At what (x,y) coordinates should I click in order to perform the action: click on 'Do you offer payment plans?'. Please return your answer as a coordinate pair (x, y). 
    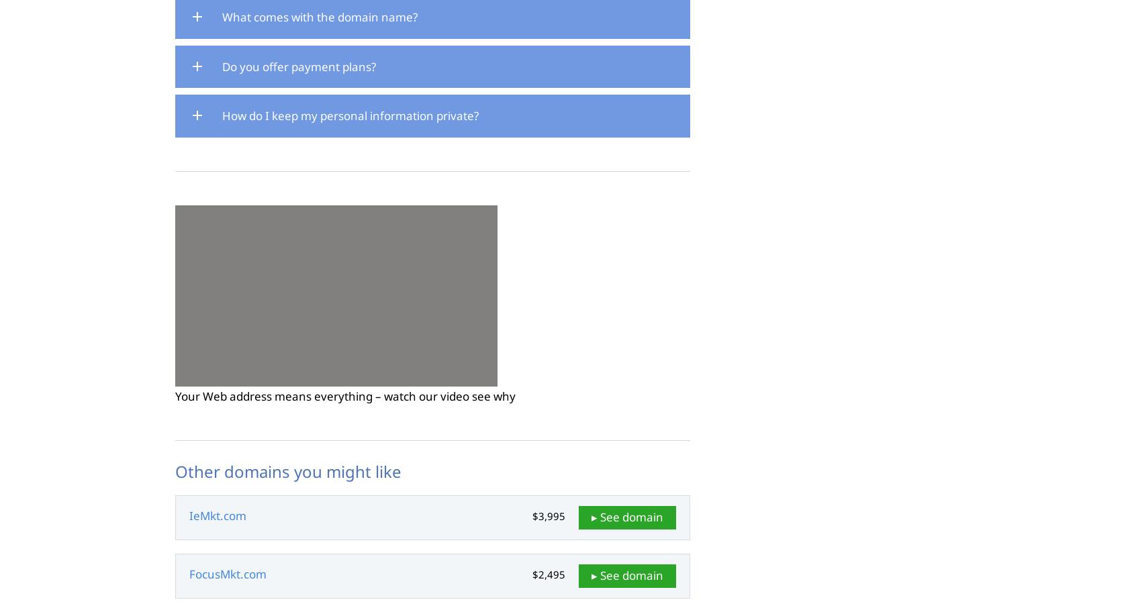
    Looking at the image, I should click on (298, 66).